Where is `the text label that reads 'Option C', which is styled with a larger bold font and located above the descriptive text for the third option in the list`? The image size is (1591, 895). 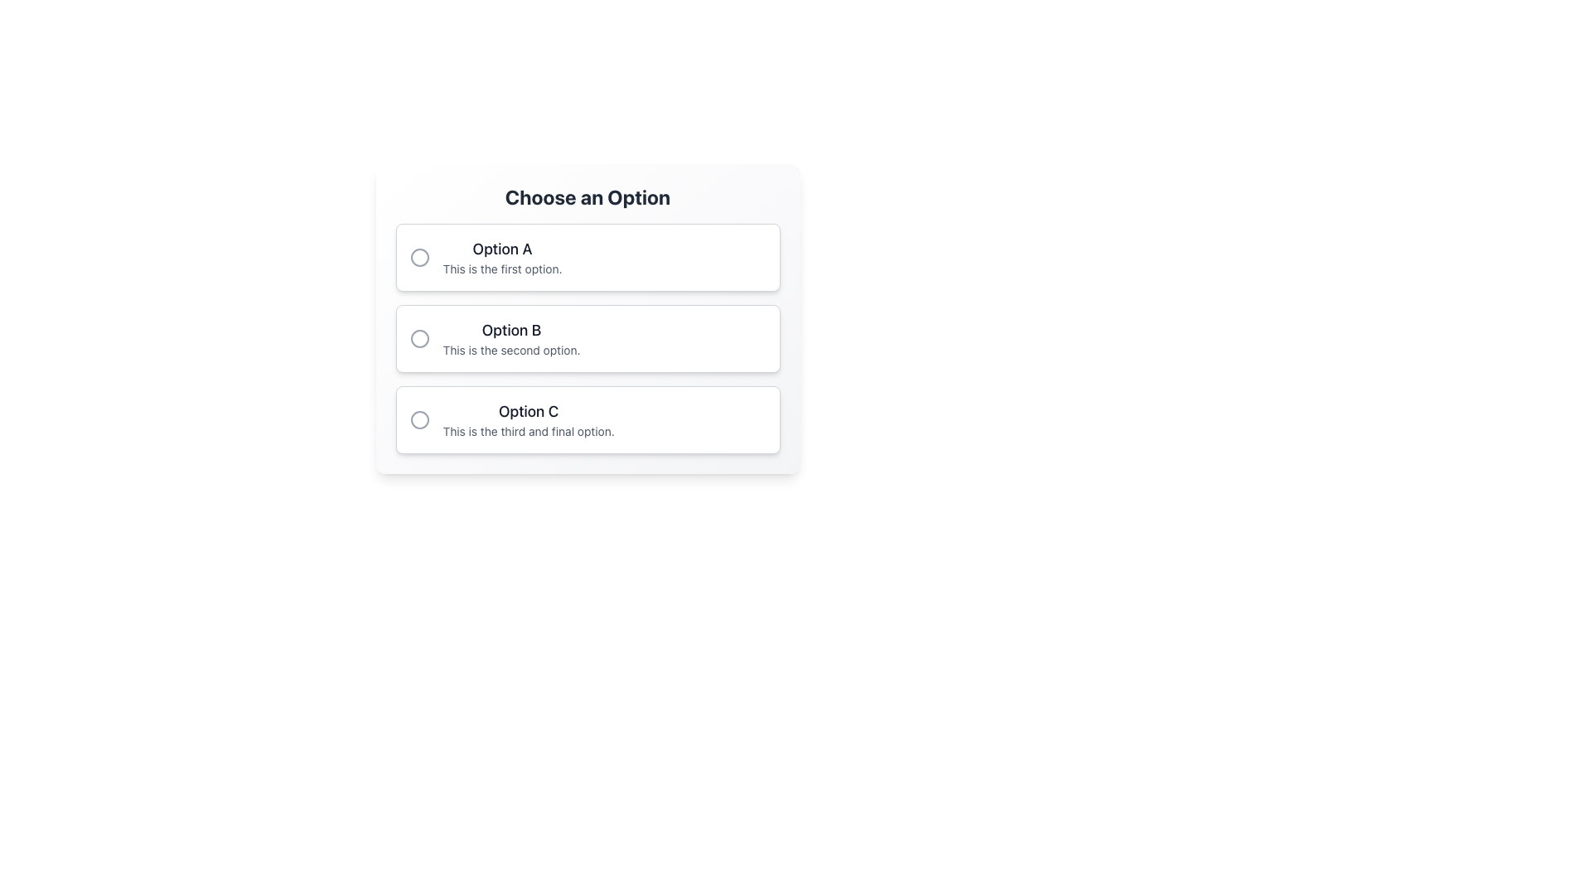 the text label that reads 'Option C', which is styled with a larger bold font and located above the descriptive text for the third option in the list is located at coordinates (528, 411).